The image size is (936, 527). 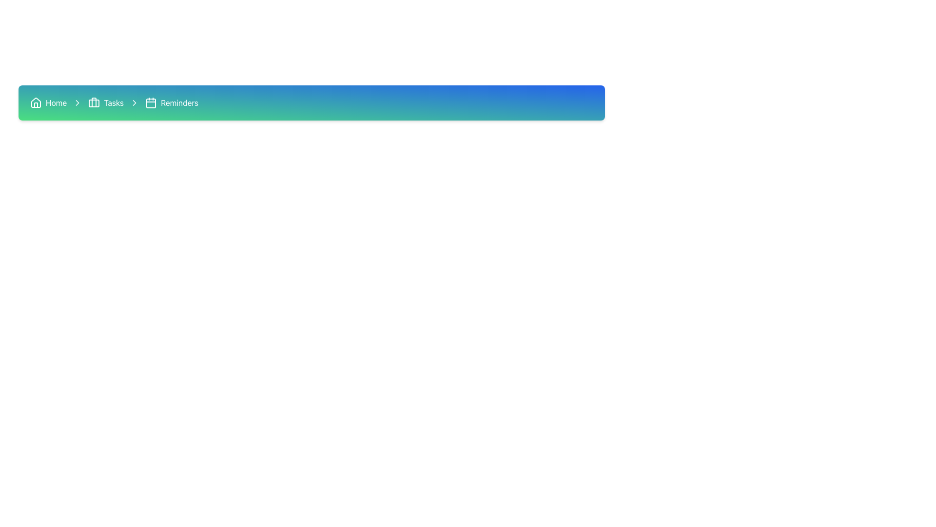 What do you see at coordinates (134, 103) in the screenshot?
I see `the Chevron Icon that serves as a separator in the breadcrumb navigation between 'Tasks' and 'Reminders'` at bounding box center [134, 103].